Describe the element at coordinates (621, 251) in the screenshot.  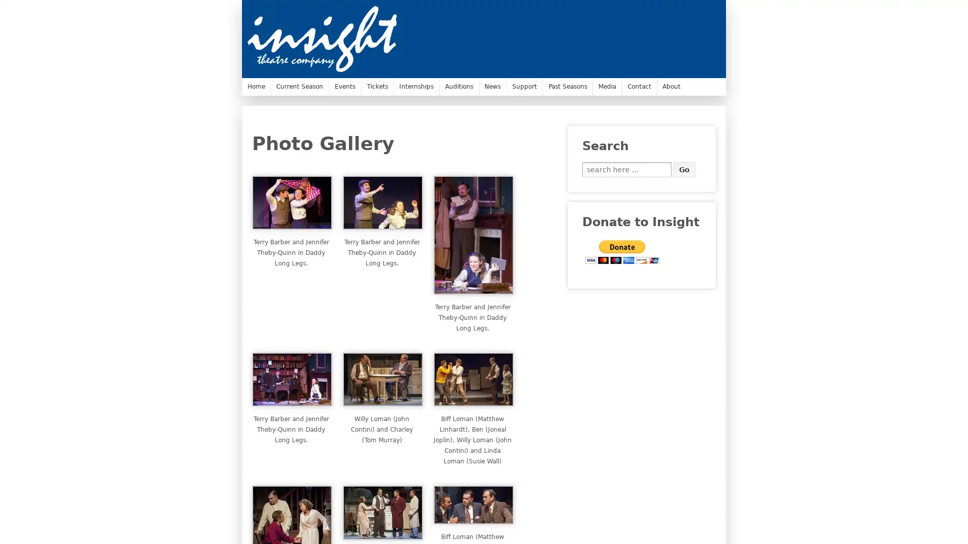
I see `PayPal - The safer, easier way to pay online.` at that location.